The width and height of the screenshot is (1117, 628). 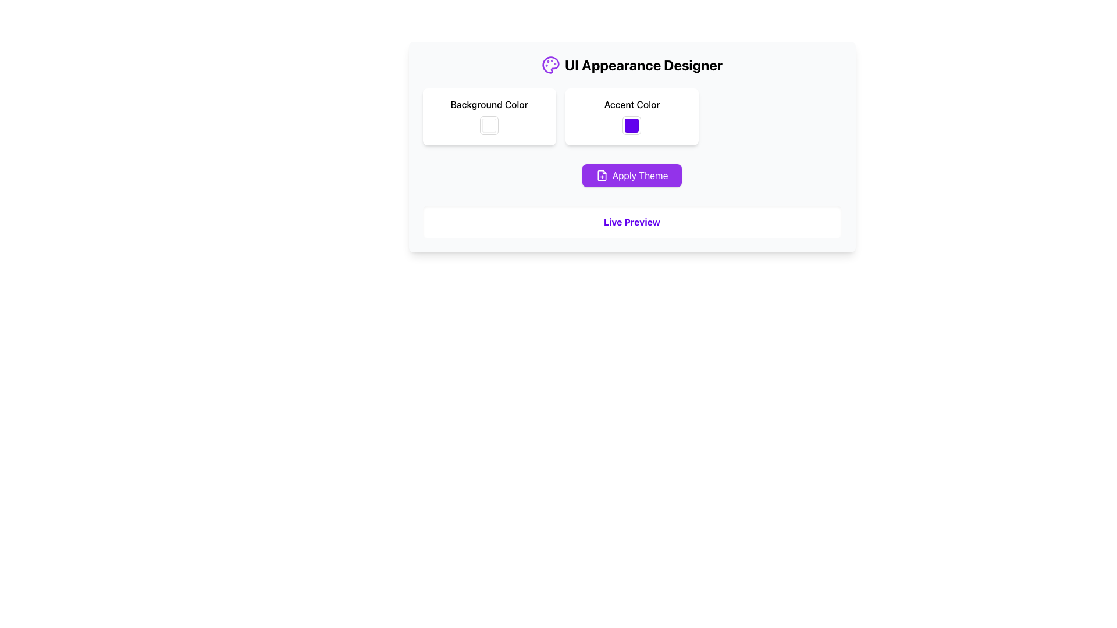 I want to click on the 'Apply Theme' button located in the 'UI Appearance Designer' section, so click(x=631, y=175).